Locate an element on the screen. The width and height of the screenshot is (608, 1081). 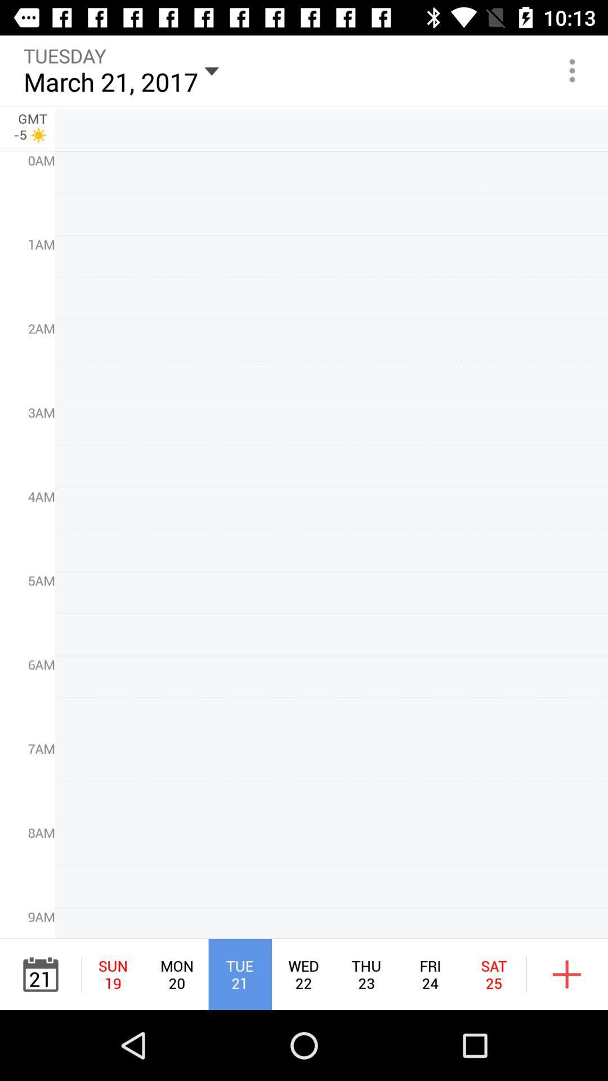
the add icon is located at coordinates (567, 974).